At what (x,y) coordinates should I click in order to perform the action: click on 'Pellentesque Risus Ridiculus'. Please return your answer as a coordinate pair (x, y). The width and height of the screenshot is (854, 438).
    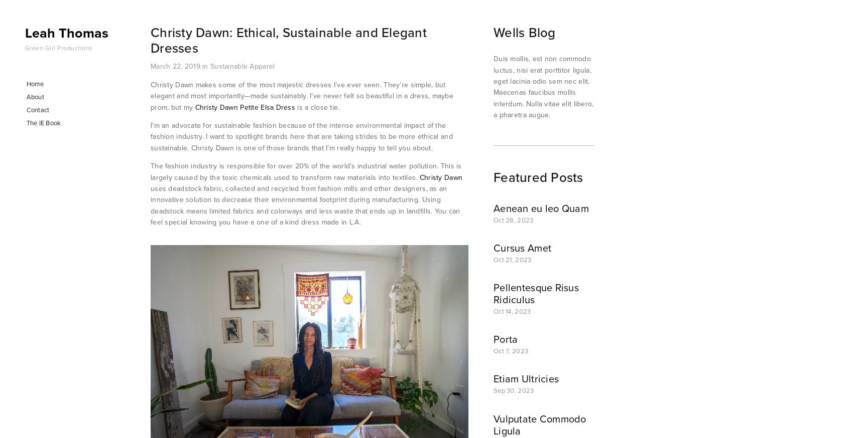
    Looking at the image, I should click on (536, 293).